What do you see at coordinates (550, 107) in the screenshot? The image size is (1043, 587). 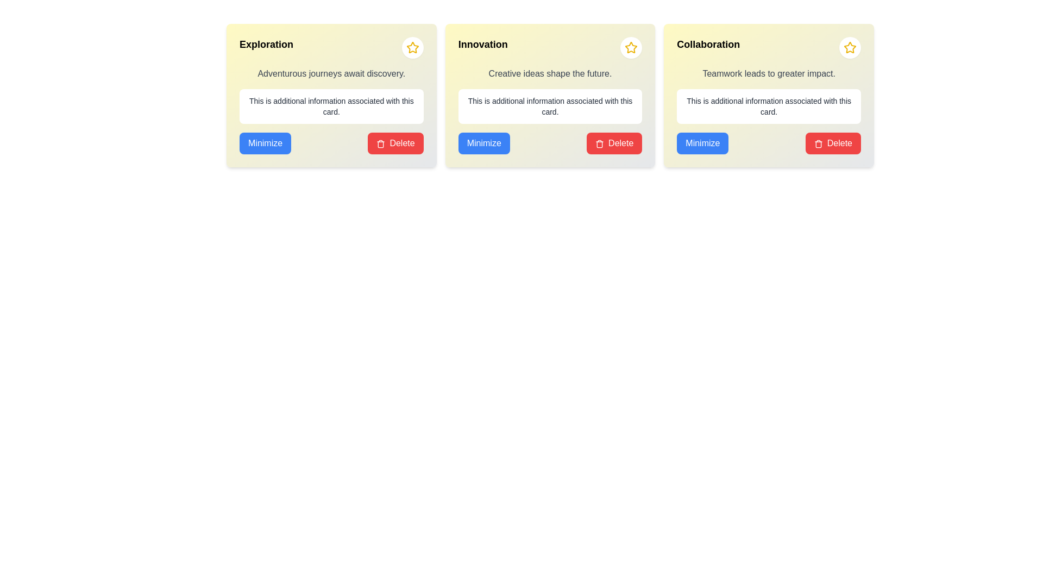 I see `the text label containing 'This is additional information associated with this card.' located within the 'Innovation' card` at bounding box center [550, 107].